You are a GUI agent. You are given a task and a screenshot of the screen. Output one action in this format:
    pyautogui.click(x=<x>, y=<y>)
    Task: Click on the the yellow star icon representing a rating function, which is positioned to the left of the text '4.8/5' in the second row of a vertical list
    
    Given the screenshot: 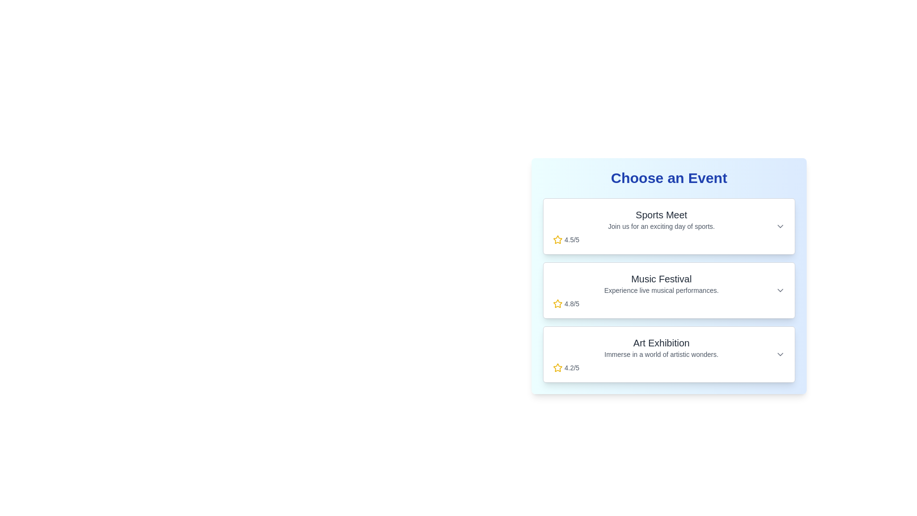 What is the action you would take?
    pyautogui.click(x=557, y=304)
    